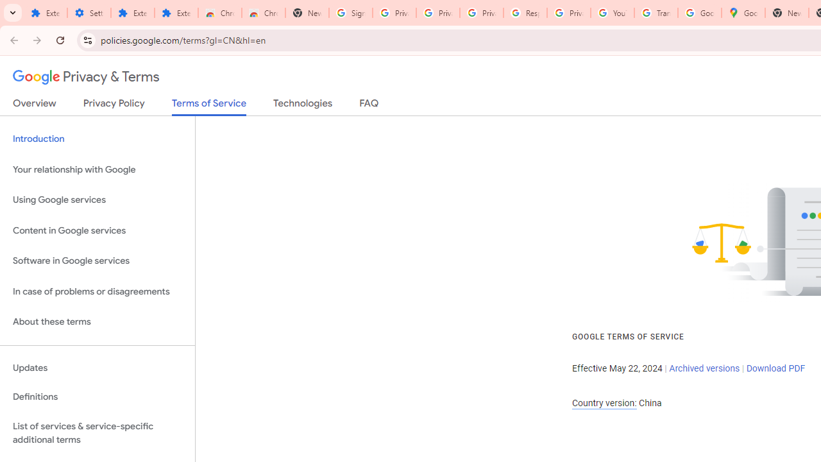 This screenshot has width=821, height=462. Describe the element at coordinates (351, 13) in the screenshot. I see `'Sign in - Google Accounts'` at that location.